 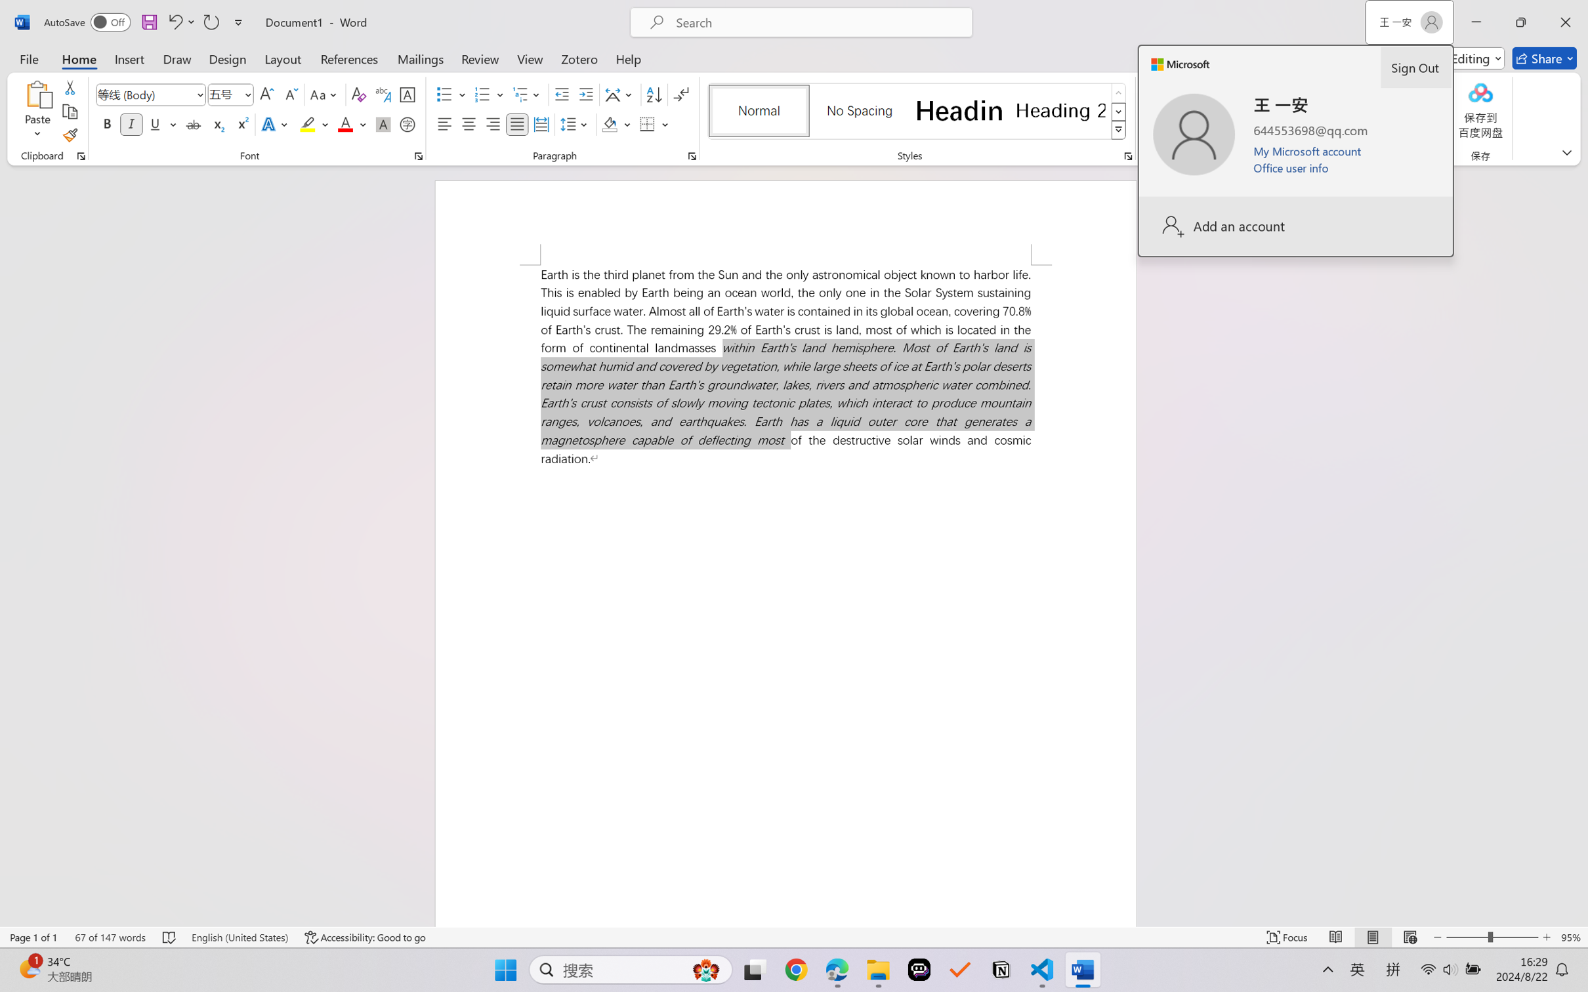 What do you see at coordinates (210, 22) in the screenshot?
I see `'Repeat Doc Close'` at bounding box center [210, 22].